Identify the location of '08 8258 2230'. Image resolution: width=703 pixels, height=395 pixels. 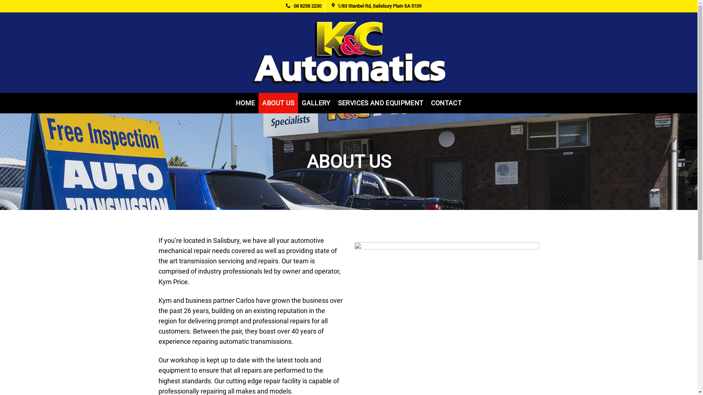
(304, 6).